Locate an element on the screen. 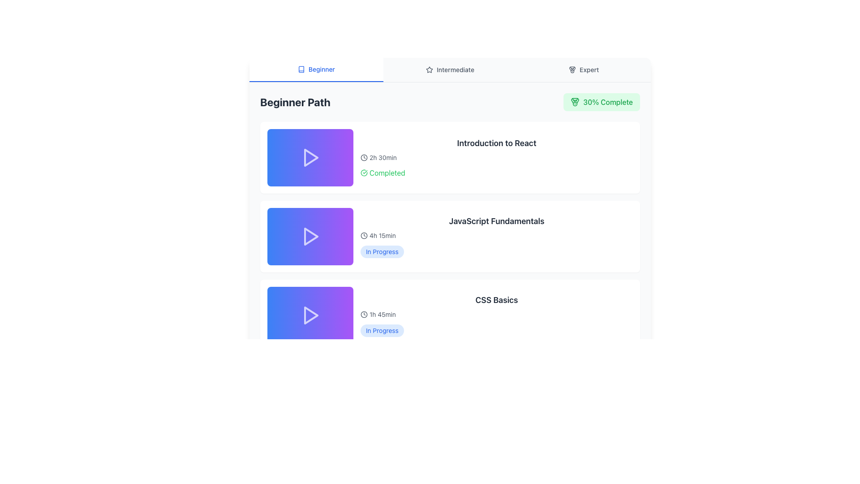  the clock icon located to the left of the text '1h 45min' in the third module of the 'CSS Basics' item layout is located at coordinates (364, 314).